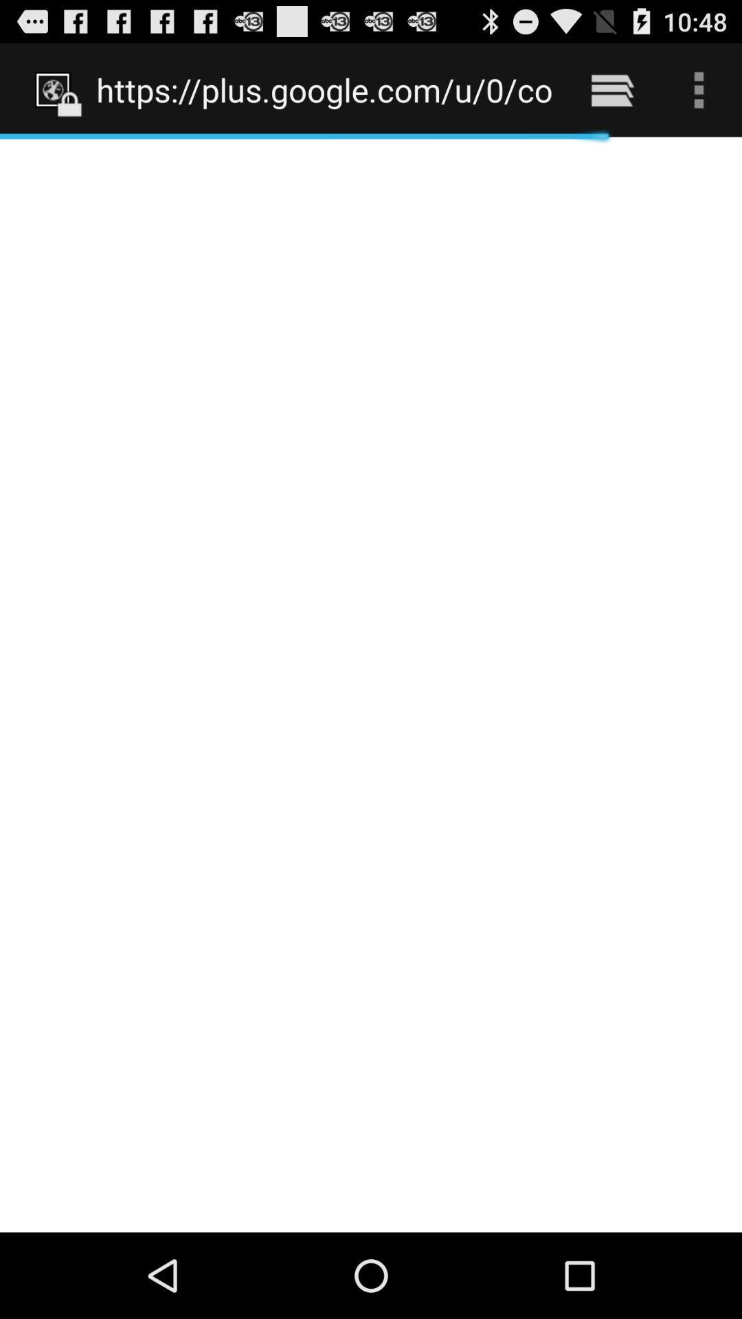 This screenshot has height=1319, width=742. What do you see at coordinates (371, 684) in the screenshot?
I see `item below the https plus google icon` at bounding box center [371, 684].